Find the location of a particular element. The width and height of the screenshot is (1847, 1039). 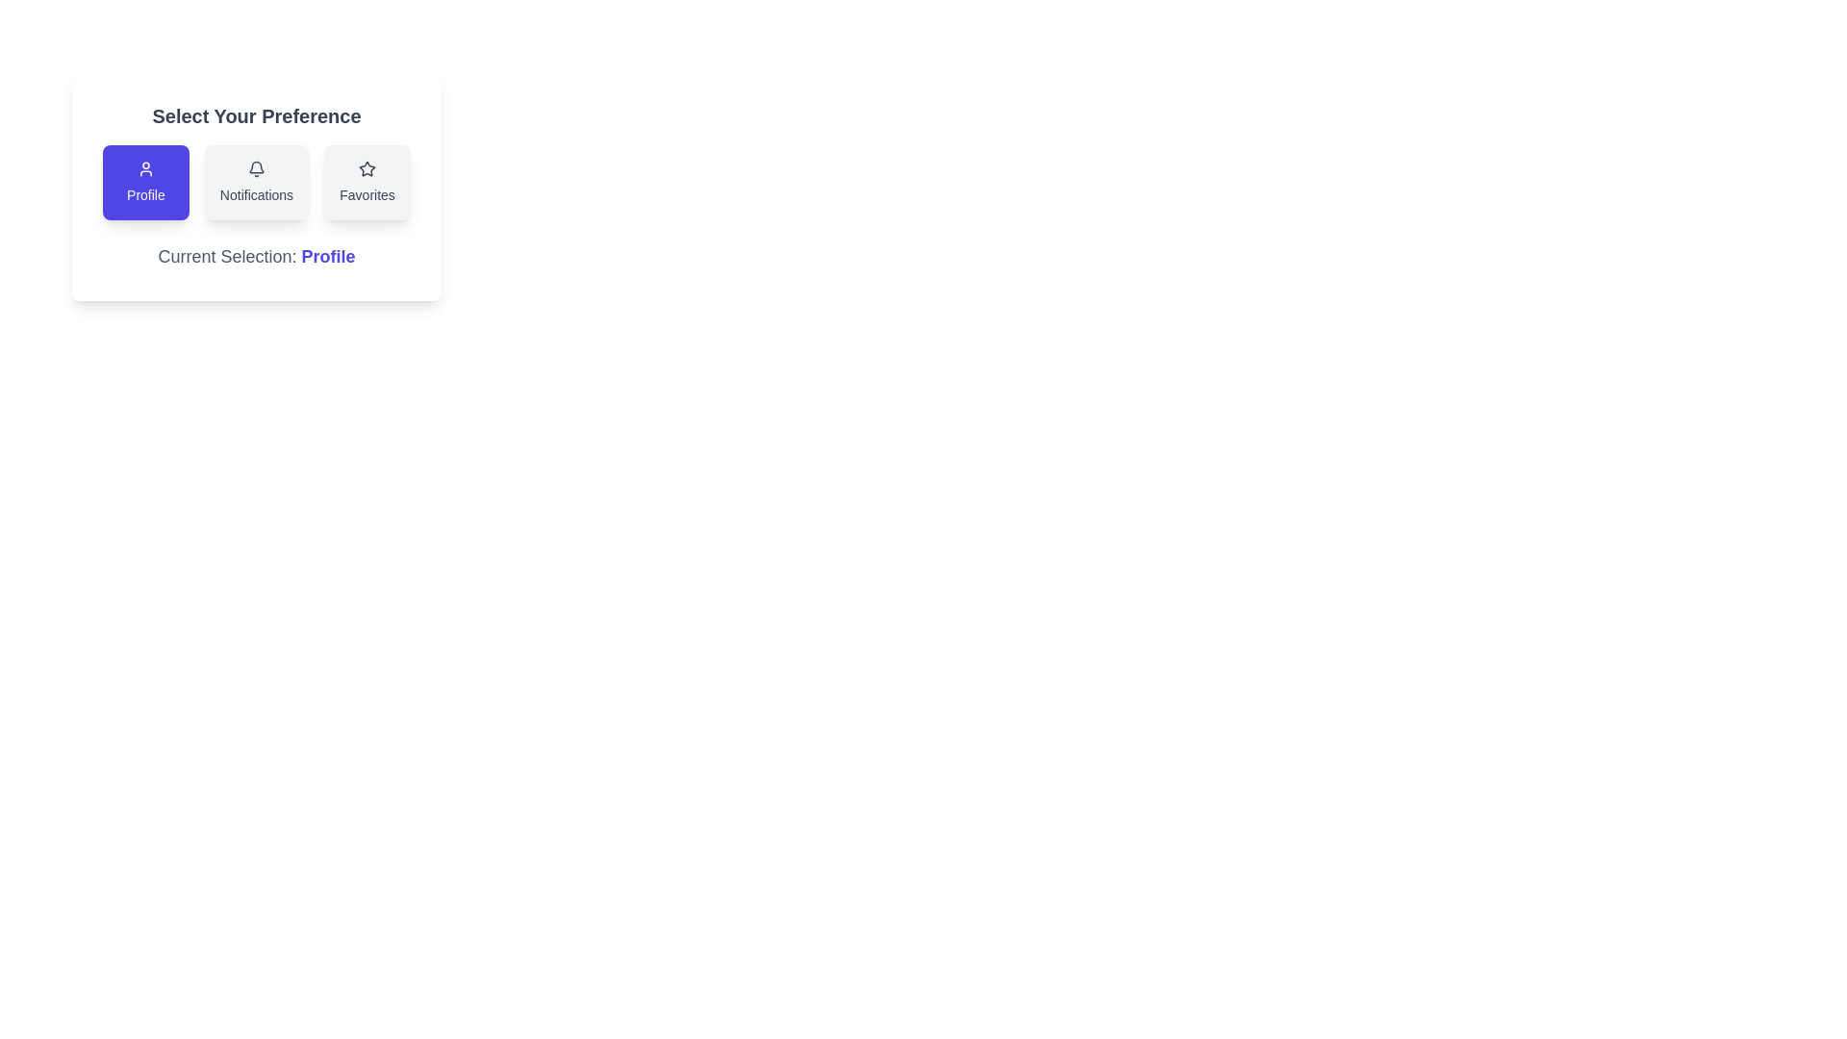

the star icon associated with the 'Favorites' feature, positioned at the top-center of the card, to visually reinforce marking items as favorites is located at coordinates (367, 168).